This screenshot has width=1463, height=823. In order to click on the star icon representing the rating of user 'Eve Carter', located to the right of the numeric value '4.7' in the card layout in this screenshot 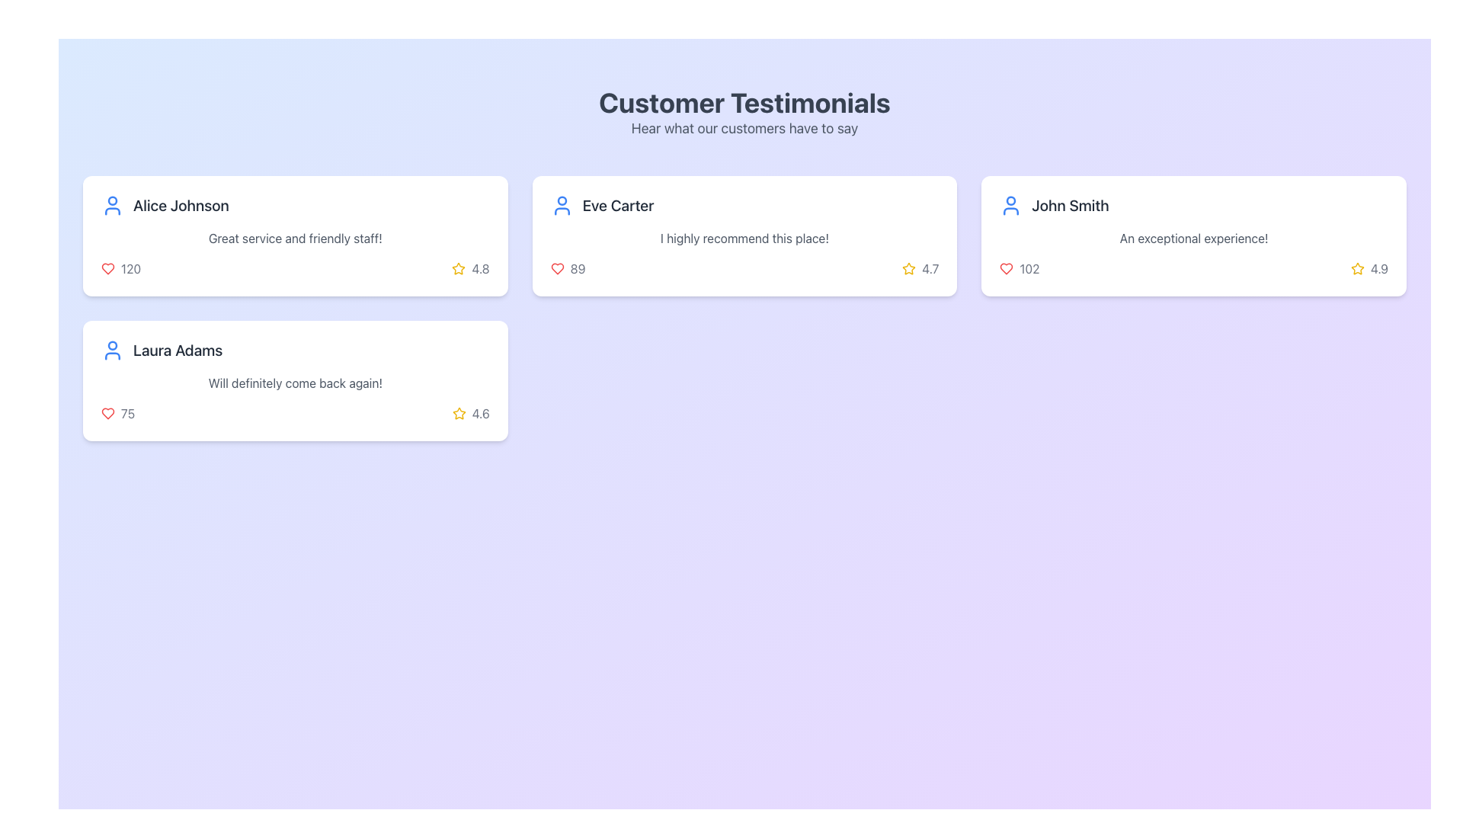, I will do `click(909, 267)`.